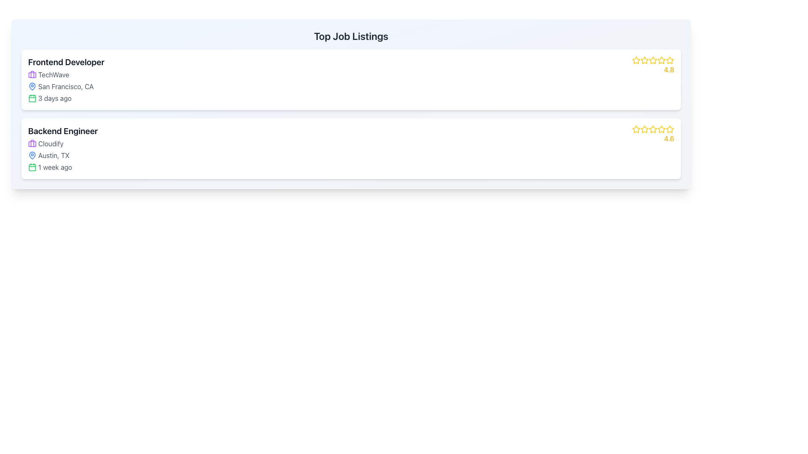 The width and height of the screenshot is (808, 454). I want to click on the first star in the five-star rating sequence for the 'Backend Engineer' job listing, which represents a rating score of 1.0, so click(636, 129).